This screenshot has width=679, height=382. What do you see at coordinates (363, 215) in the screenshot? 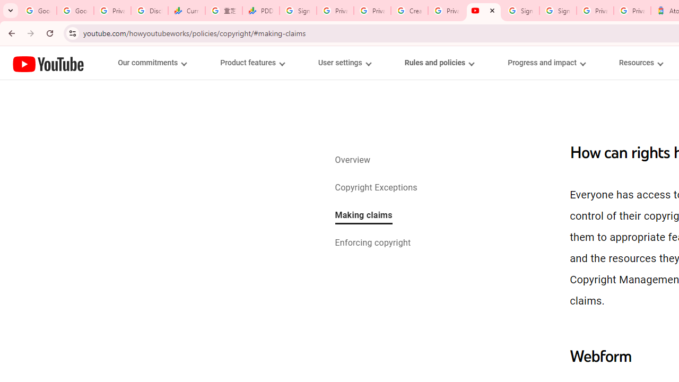
I see `'Making claims'` at bounding box center [363, 215].